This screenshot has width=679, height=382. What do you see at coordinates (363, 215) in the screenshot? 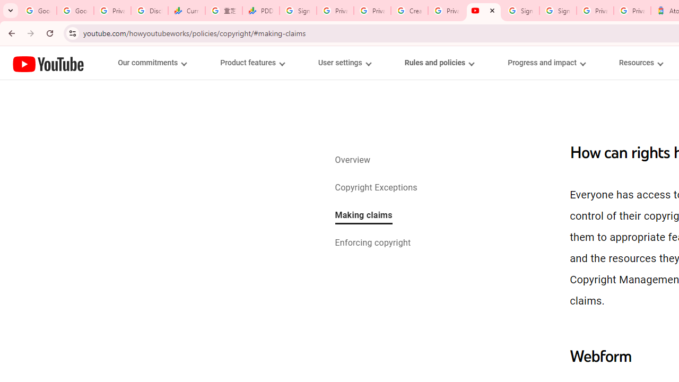
I see `'Making claims'` at bounding box center [363, 215].